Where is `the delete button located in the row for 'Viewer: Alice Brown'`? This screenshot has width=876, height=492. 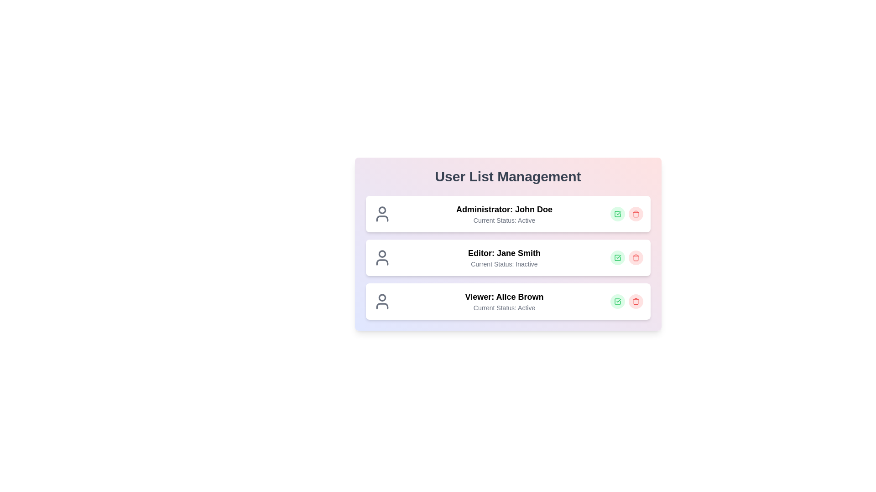
the delete button located in the row for 'Viewer: Alice Brown' is located at coordinates (635, 302).